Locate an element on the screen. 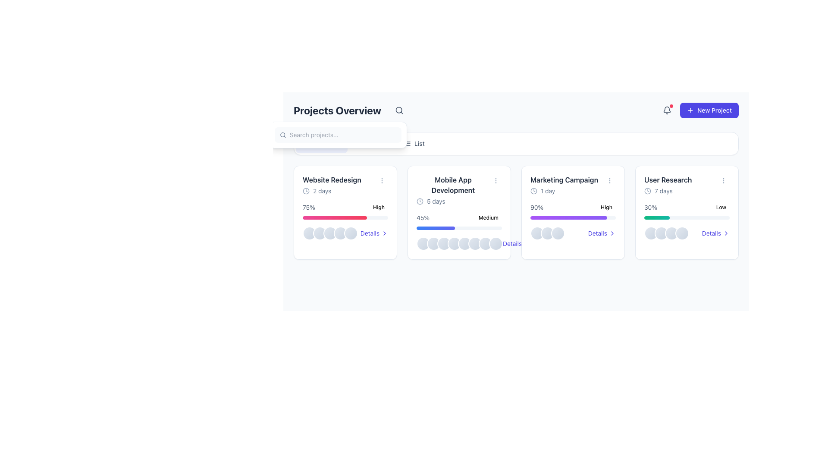  the link with text and icon that navigates to the 'User Research' project to trigger visual feedback is located at coordinates (715, 233).